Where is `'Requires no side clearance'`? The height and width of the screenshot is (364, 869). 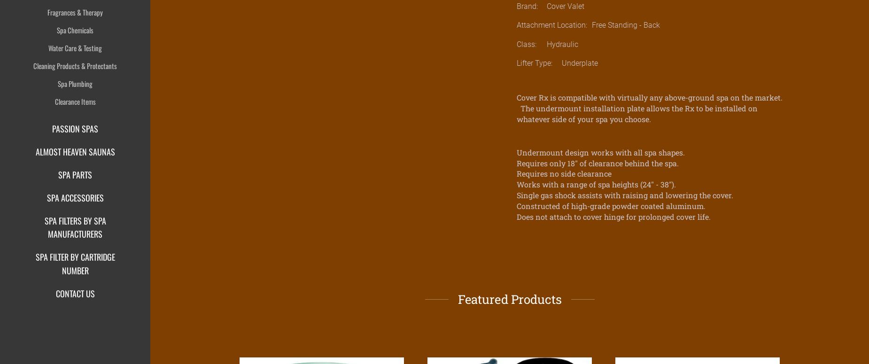
'Requires no side clearance' is located at coordinates (564, 173).